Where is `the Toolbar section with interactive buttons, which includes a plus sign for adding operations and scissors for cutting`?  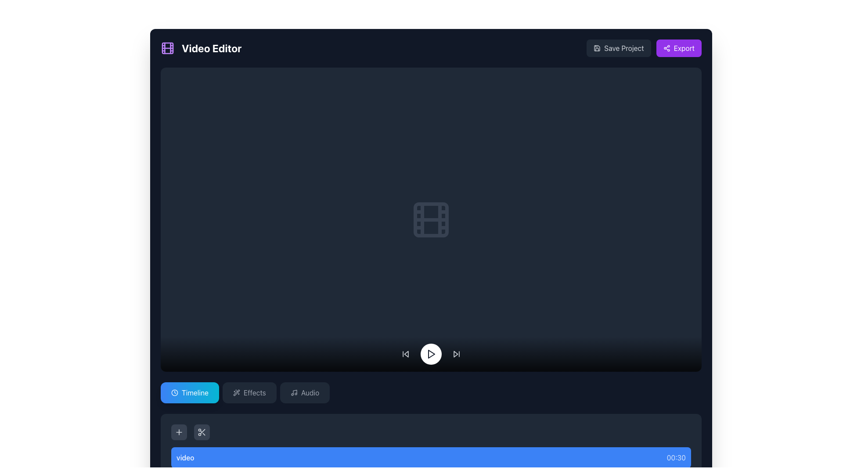 the Toolbar section with interactive buttons, which includes a plus sign for adding operations and scissors for cutting is located at coordinates (431, 431).